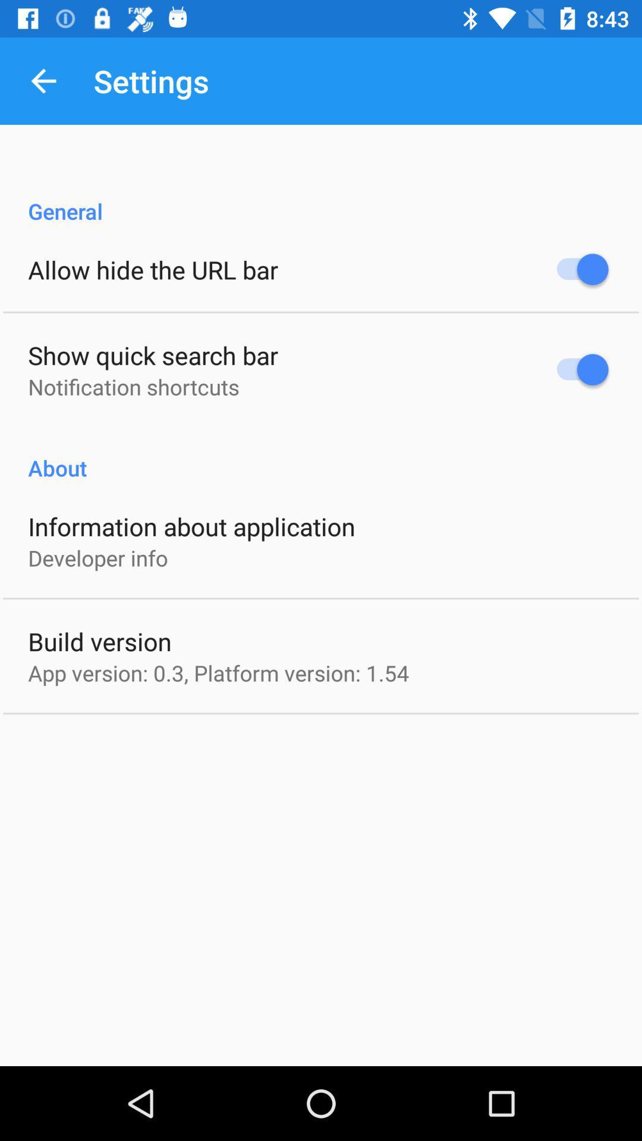 The image size is (642, 1141). Describe the element at coordinates (133, 387) in the screenshot. I see `notification shortcuts` at that location.